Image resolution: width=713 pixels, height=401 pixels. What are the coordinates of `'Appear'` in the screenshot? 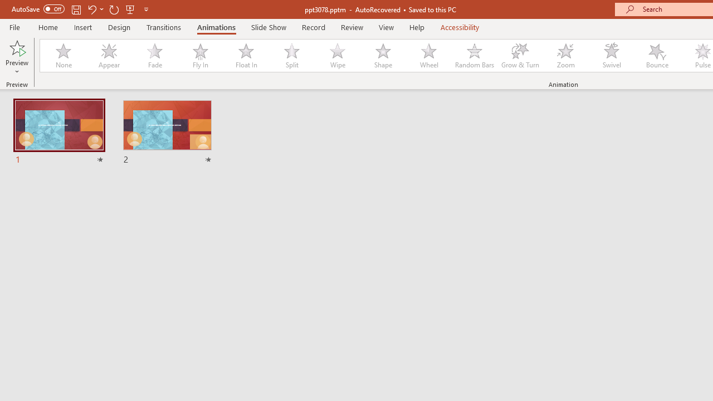 It's located at (109, 56).